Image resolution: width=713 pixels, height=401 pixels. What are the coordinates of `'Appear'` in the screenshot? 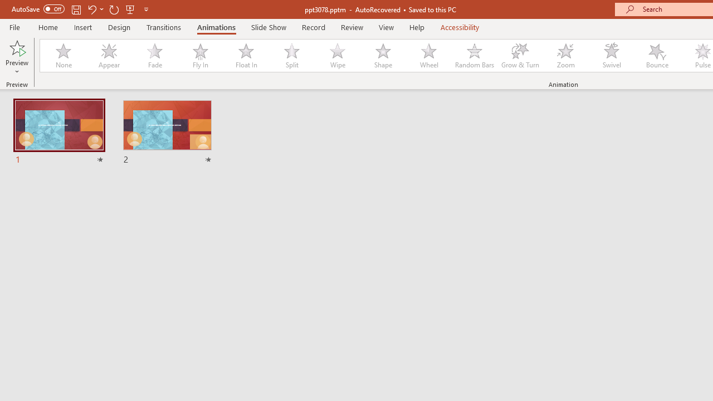 It's located at (109, 56).